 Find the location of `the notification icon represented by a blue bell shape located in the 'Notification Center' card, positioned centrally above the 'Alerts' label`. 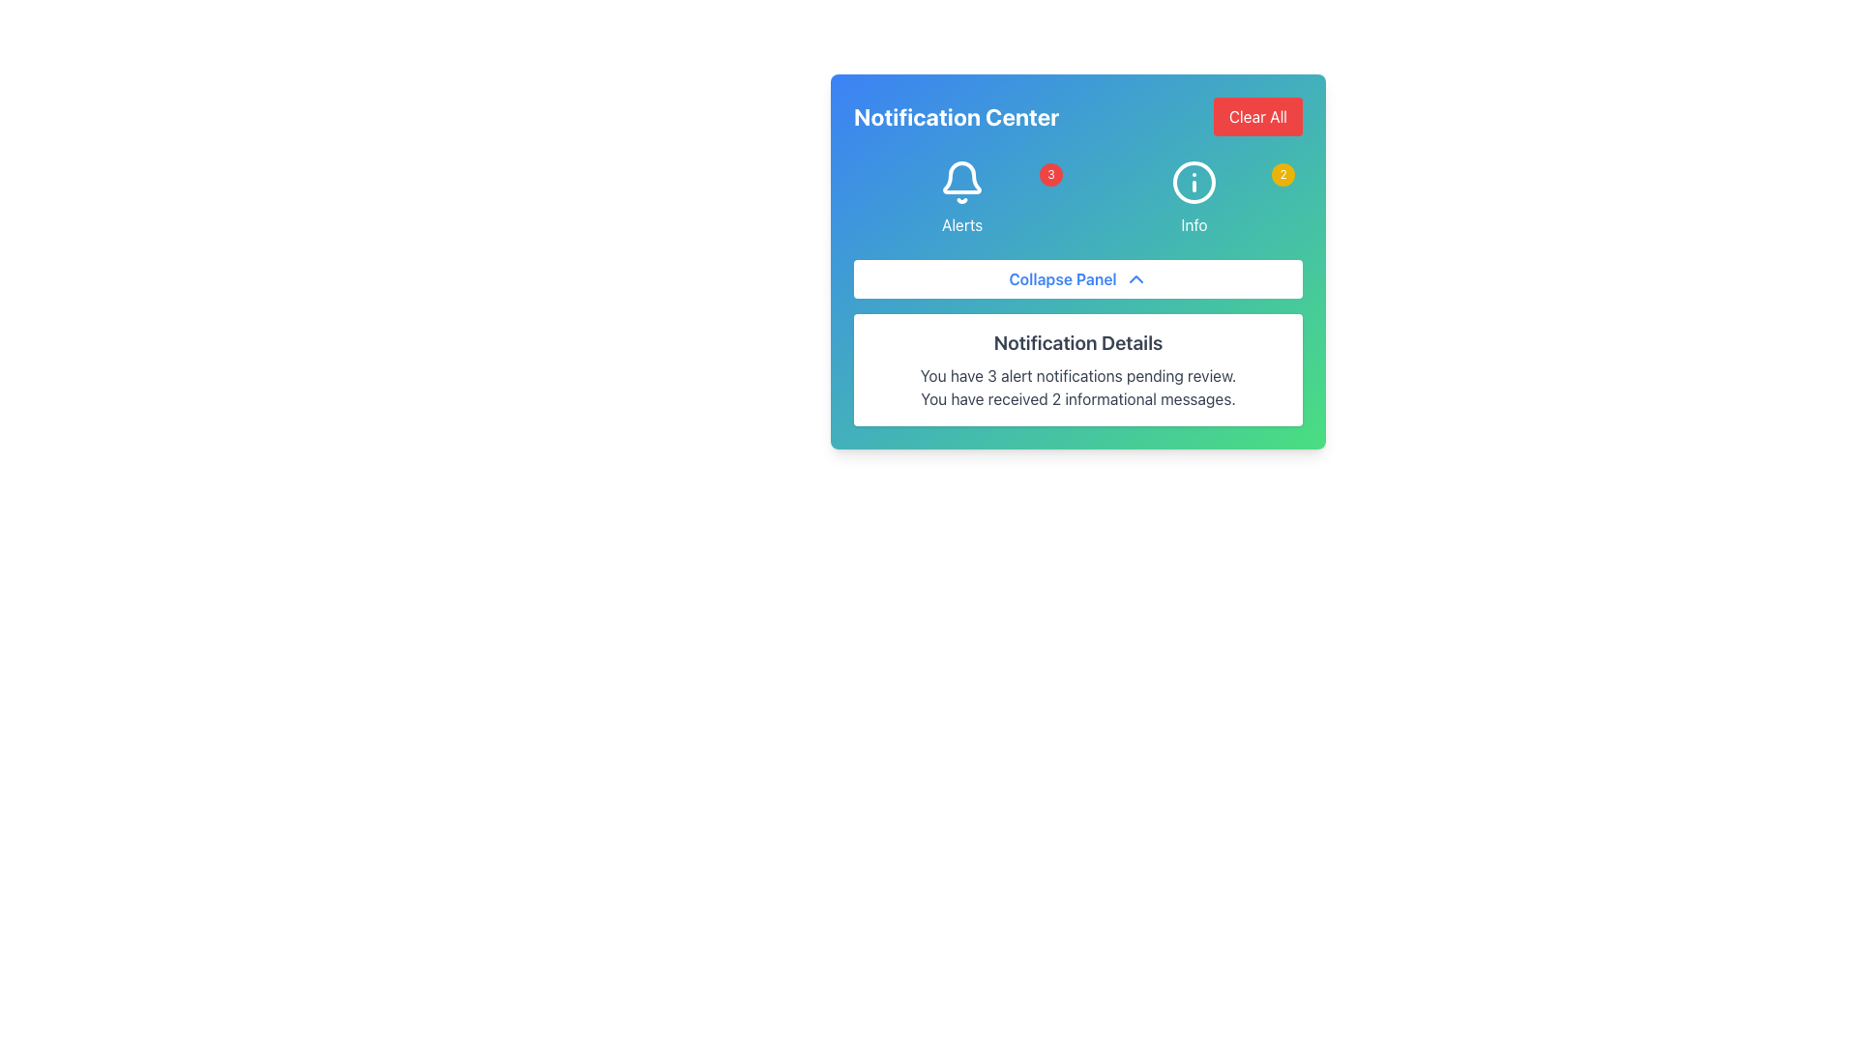

the notification icon represented by a blue bell shape located in the 'Notification Center' card, positioned centrally above the 'Alerts' label is located at coordinates (961, 178).